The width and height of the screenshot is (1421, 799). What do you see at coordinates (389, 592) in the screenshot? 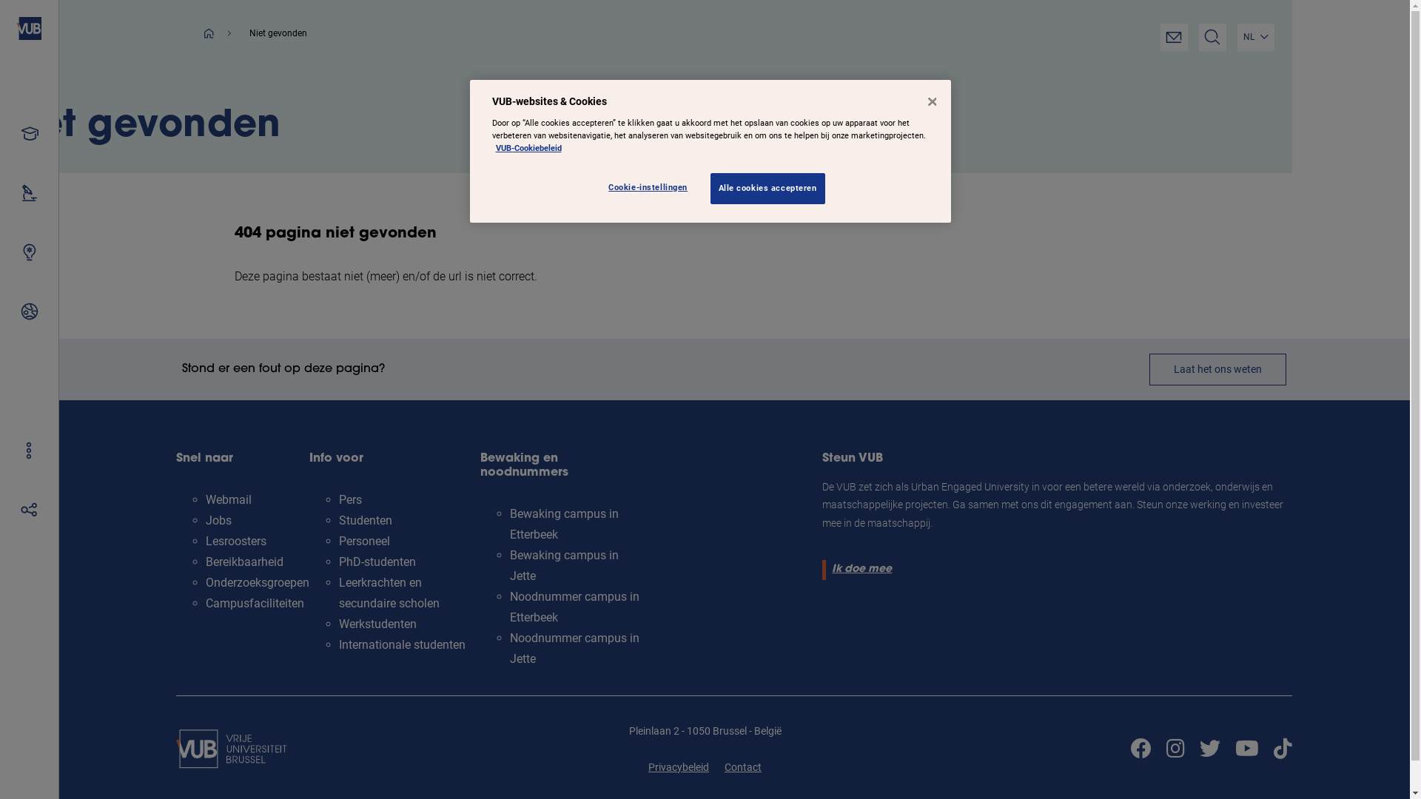
I see `'Leerkrachten en secundaire scholen'` at bounding box center [389, 592].